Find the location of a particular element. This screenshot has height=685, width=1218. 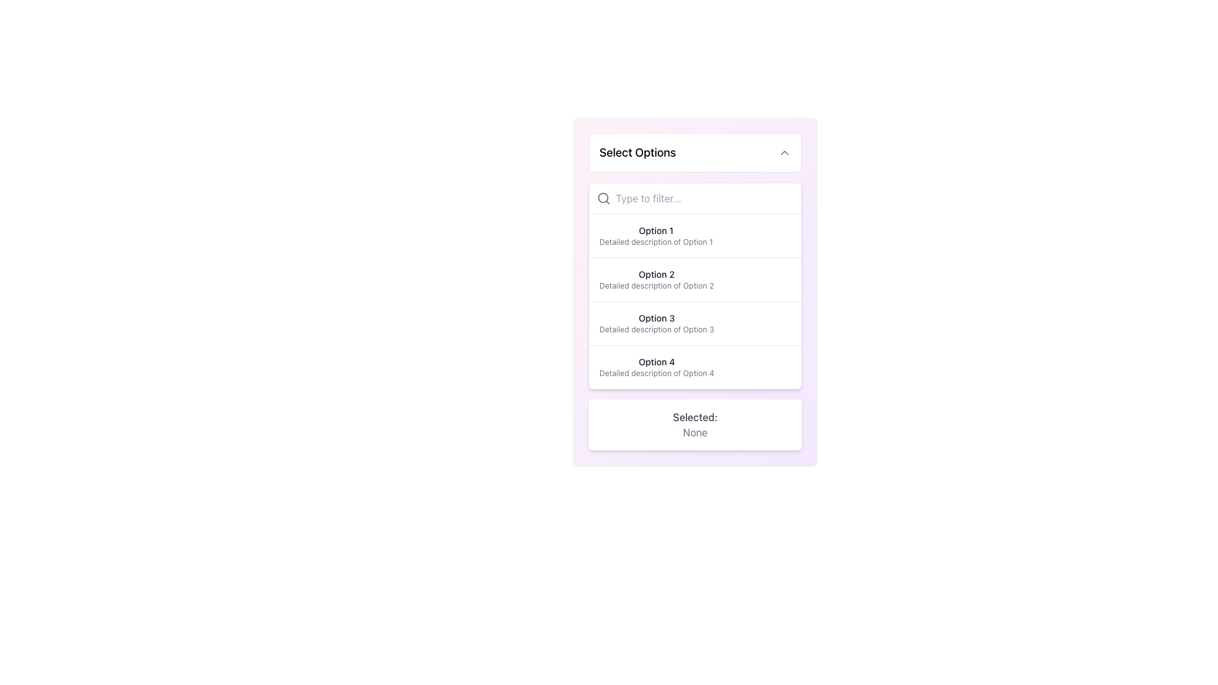

the text label that serves as the title for the third selectable option in a vertical list, positioned between 'Option 2' and 'Option 4' is located at coordinates (657, 317).